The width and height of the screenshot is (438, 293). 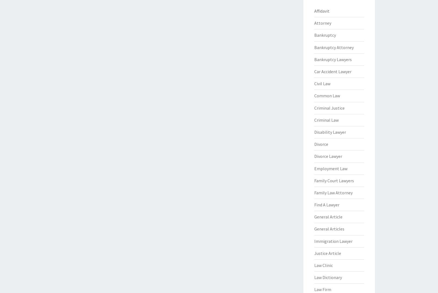 What do you see at coordinates (322, 23) in the screenshot?
I see `'Attorney'` at bounding box center [322, 23].